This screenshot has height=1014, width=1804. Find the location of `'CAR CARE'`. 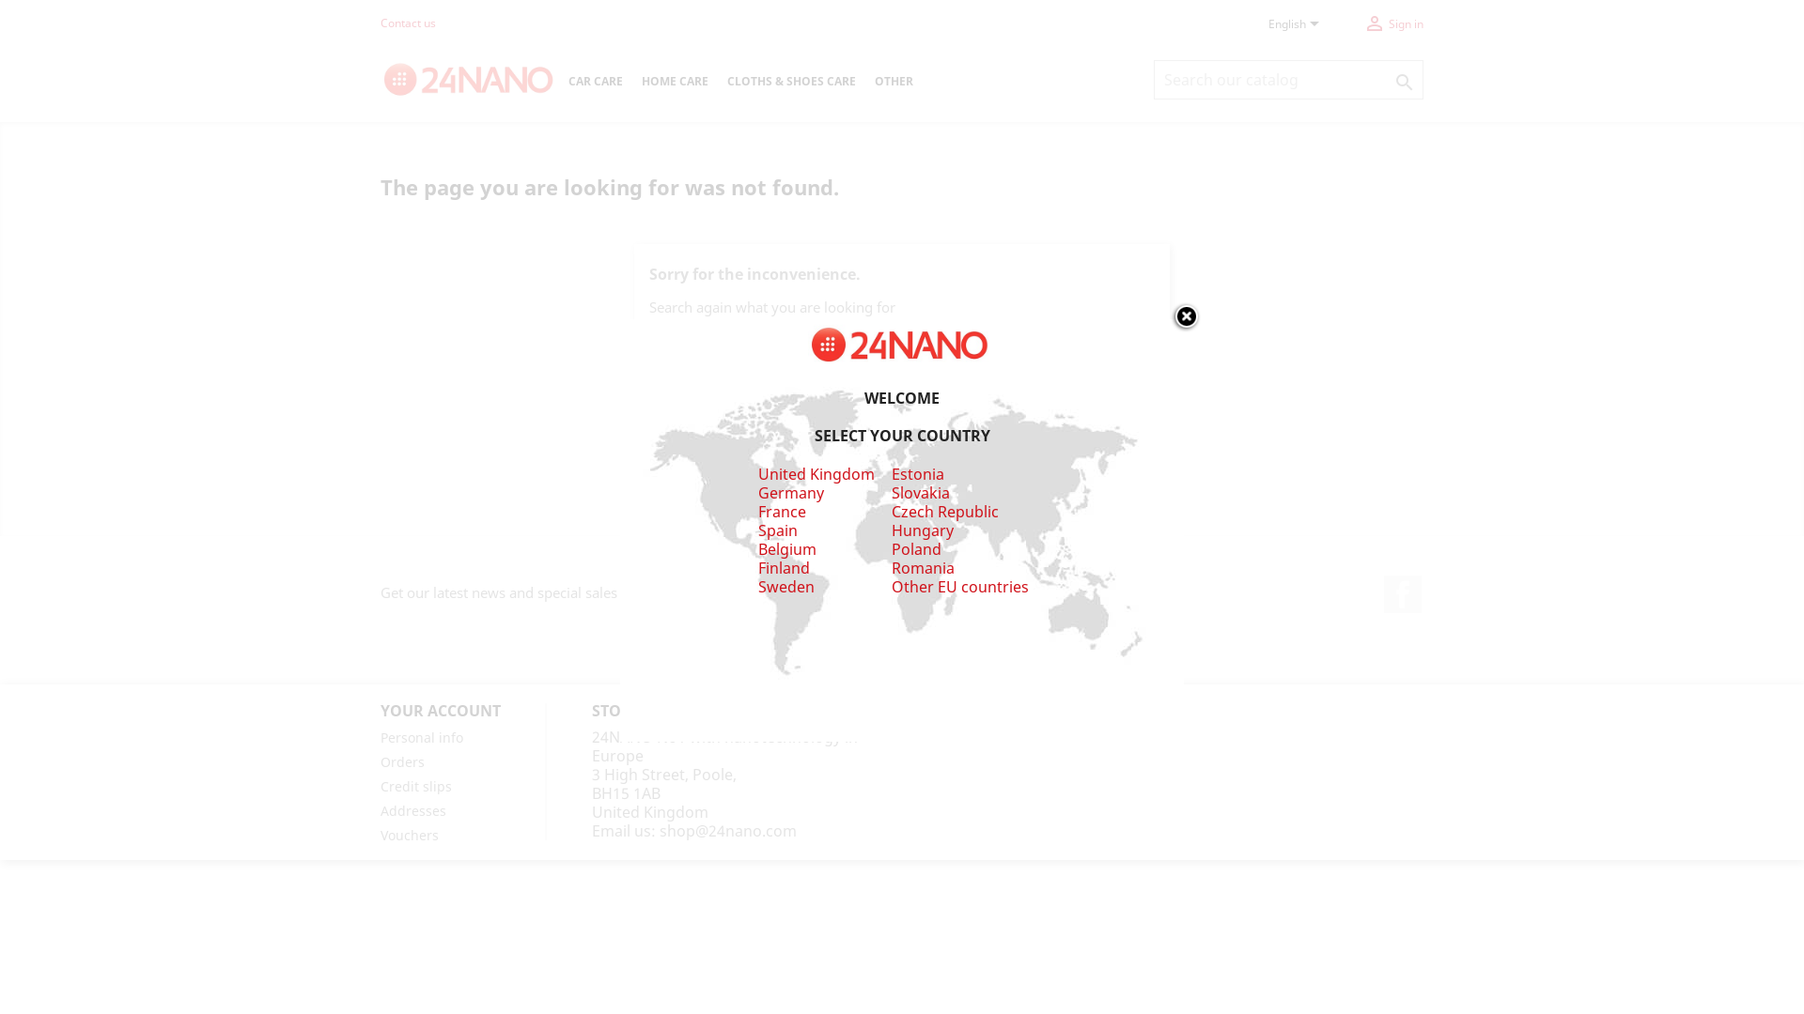

'CAR CARE' is located at coordinates (594, 82).